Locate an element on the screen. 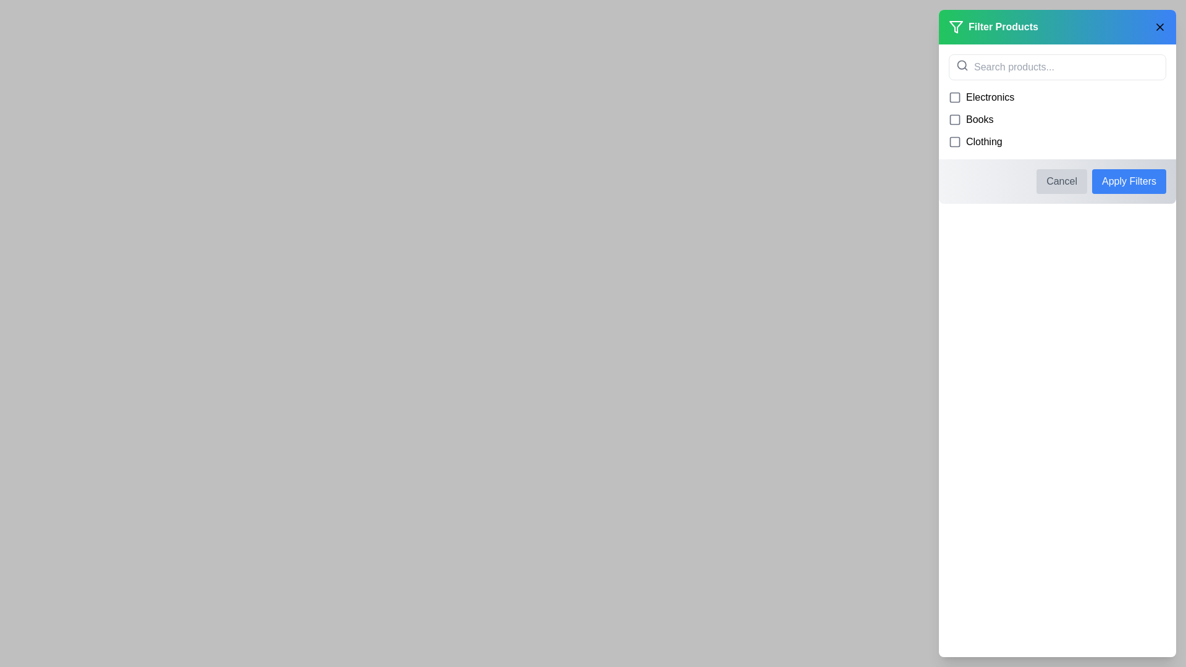 This screenshot has width=1186, height=667. the 'Electronics' filter checkbox is located at coordinates (954, 97).